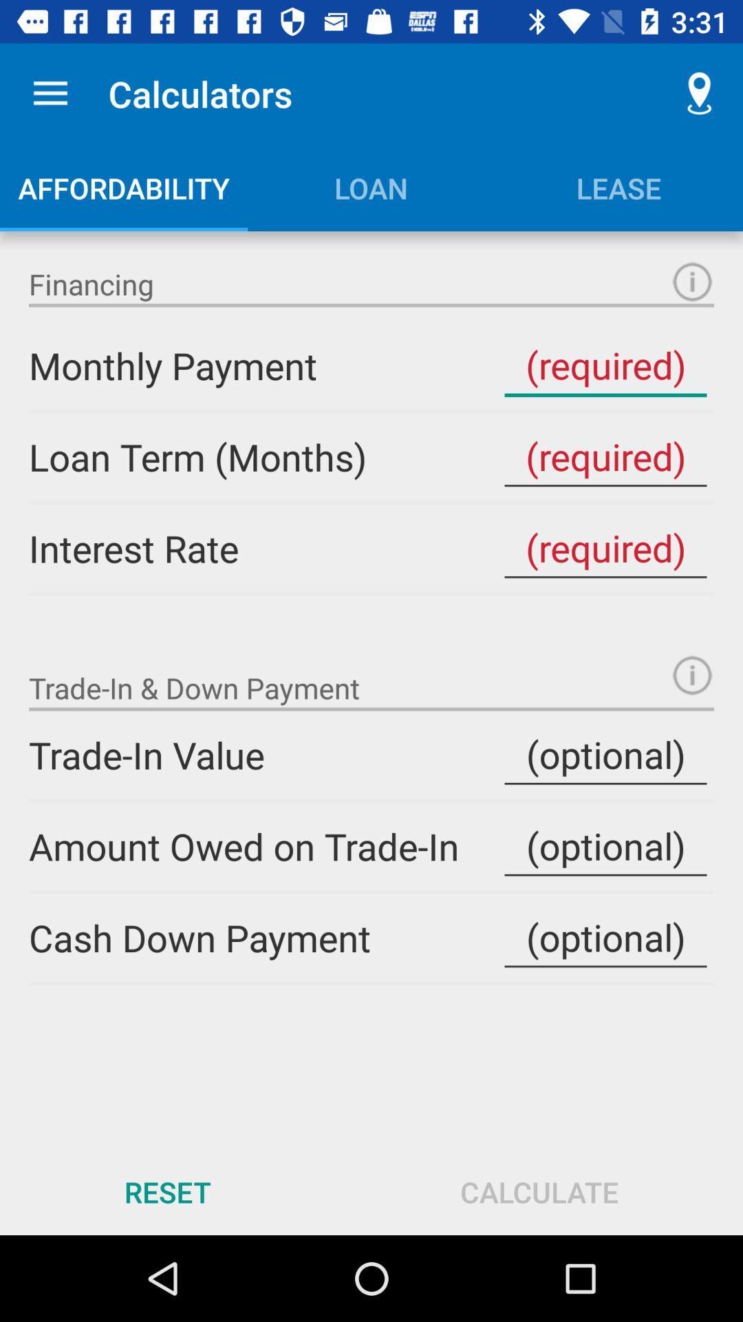 Image resolution: width=743 pixels, height=1322 pixels. I want to click on amount owed option, so click(605, 846).